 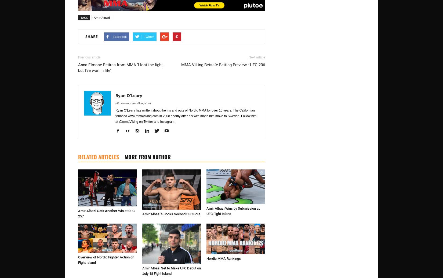 I want to click on 'MORE FROM AUTHOR', so click(x=147, y=157).